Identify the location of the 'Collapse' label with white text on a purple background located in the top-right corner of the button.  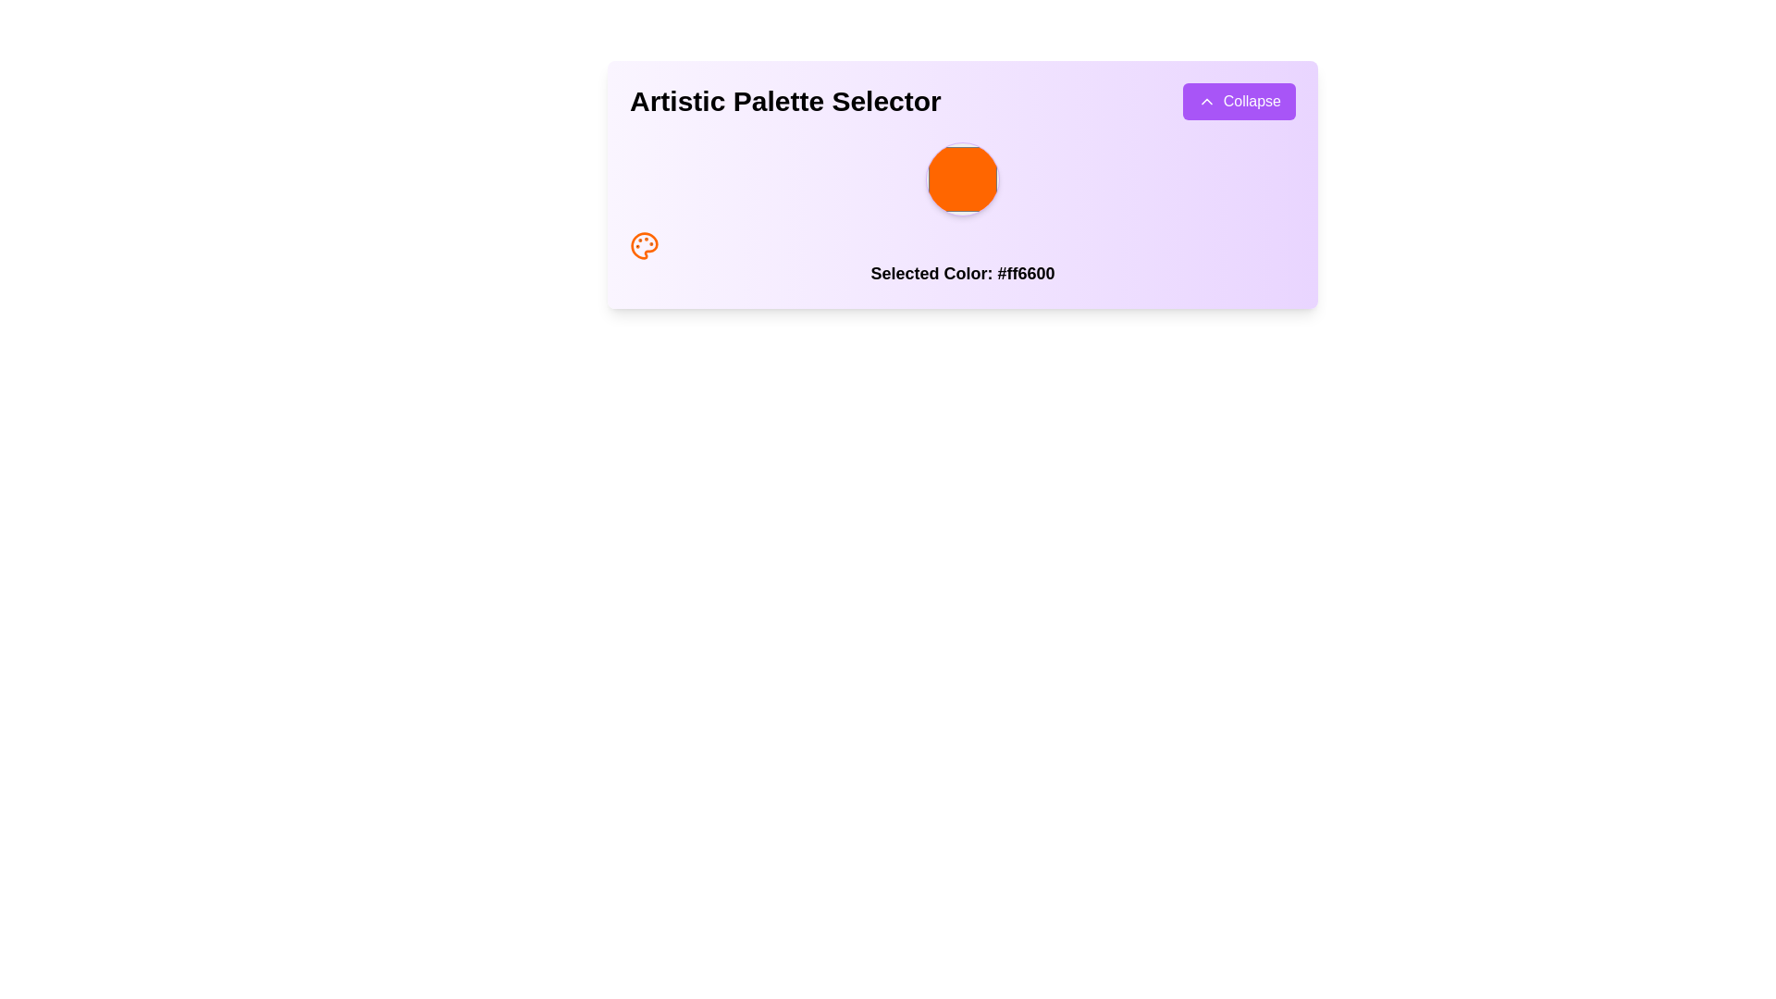
(1252, 102).